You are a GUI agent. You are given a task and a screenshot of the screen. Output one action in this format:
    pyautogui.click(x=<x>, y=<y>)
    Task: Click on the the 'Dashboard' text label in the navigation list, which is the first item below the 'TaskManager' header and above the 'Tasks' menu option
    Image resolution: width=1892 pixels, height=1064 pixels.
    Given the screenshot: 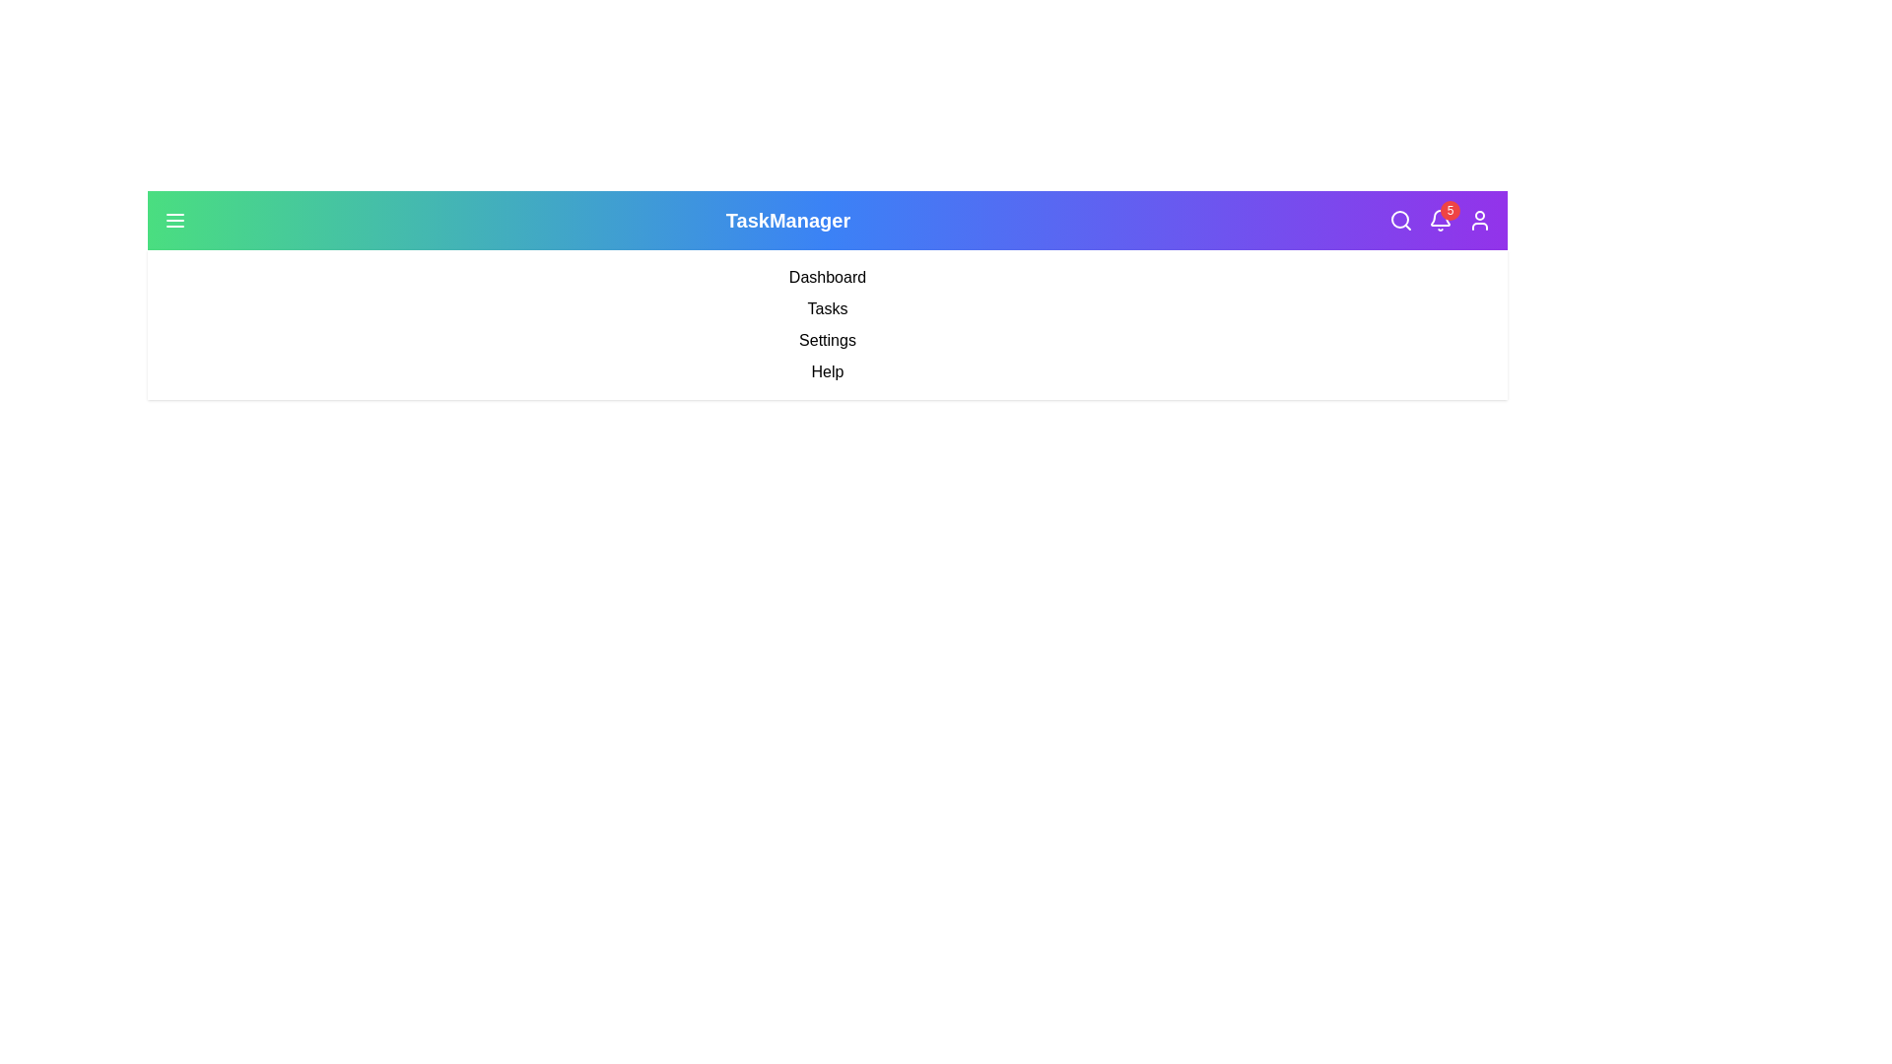 What is the action you would take?
    pyautogui.click(x=828, y=277)
    